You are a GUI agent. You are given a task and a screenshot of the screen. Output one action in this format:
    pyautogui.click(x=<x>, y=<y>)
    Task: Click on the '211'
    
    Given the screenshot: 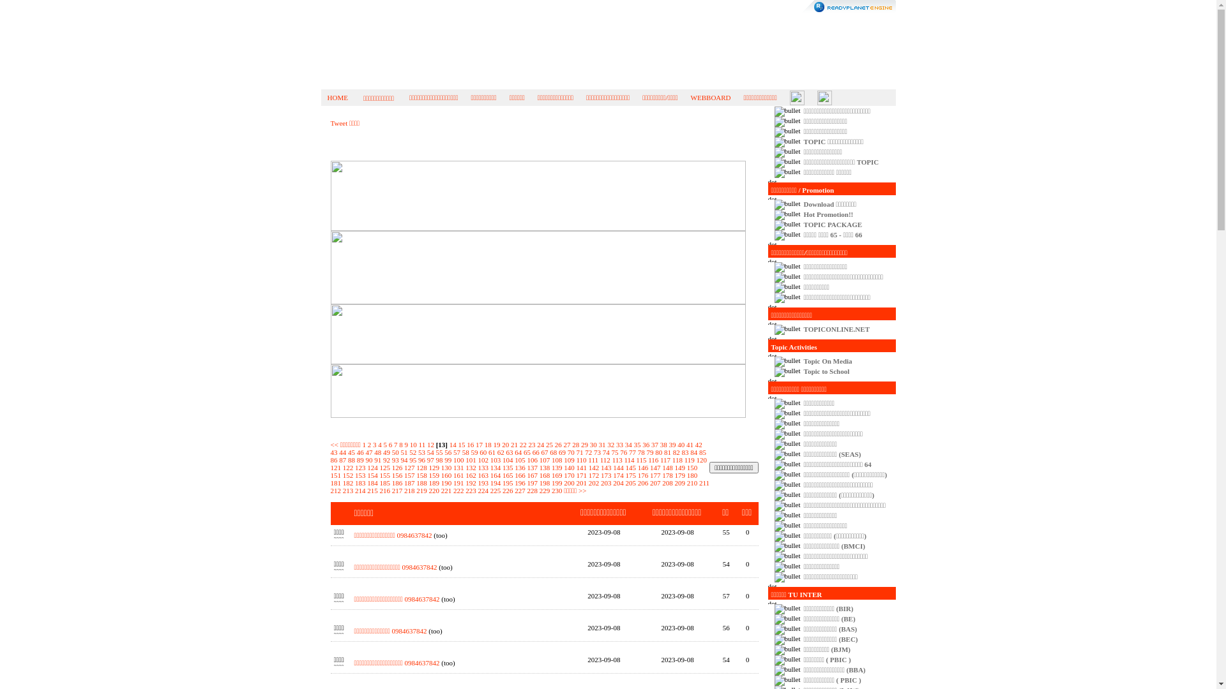 What is the action you would take?
    pyautogui.click(x=698, y=482)
    